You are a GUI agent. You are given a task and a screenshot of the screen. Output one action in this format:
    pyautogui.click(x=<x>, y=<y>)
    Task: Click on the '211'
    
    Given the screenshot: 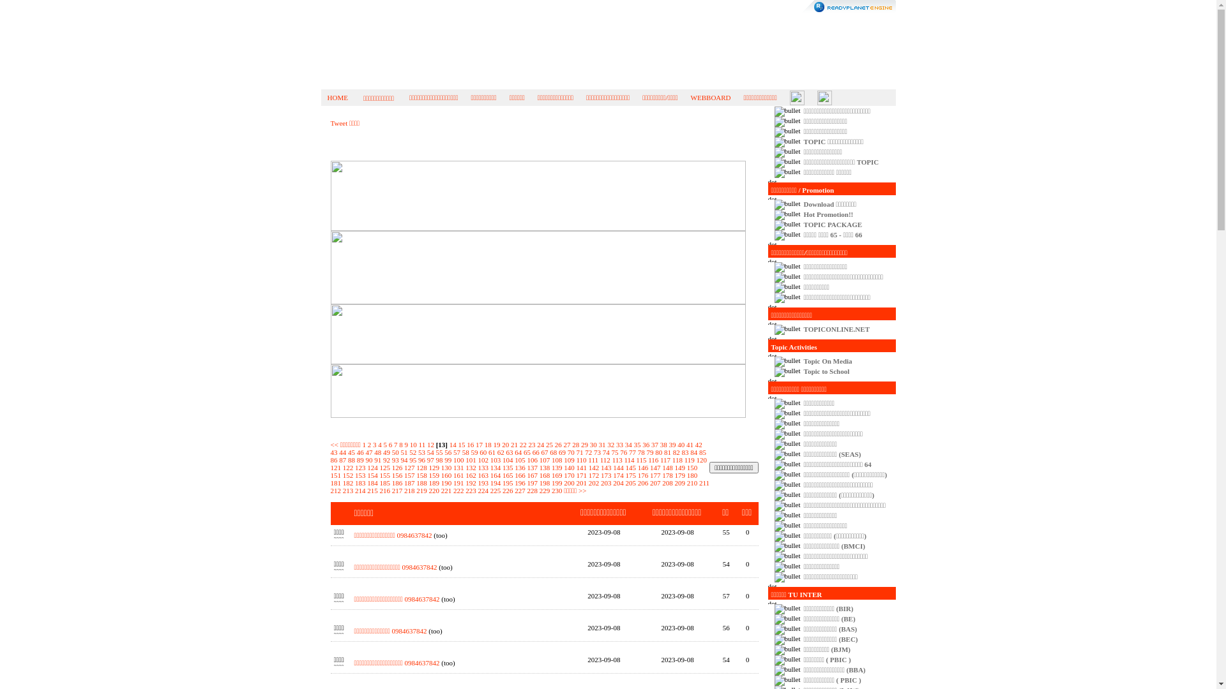 What is the action you would take?
    pyautogui.click(x=698, y=482)
    